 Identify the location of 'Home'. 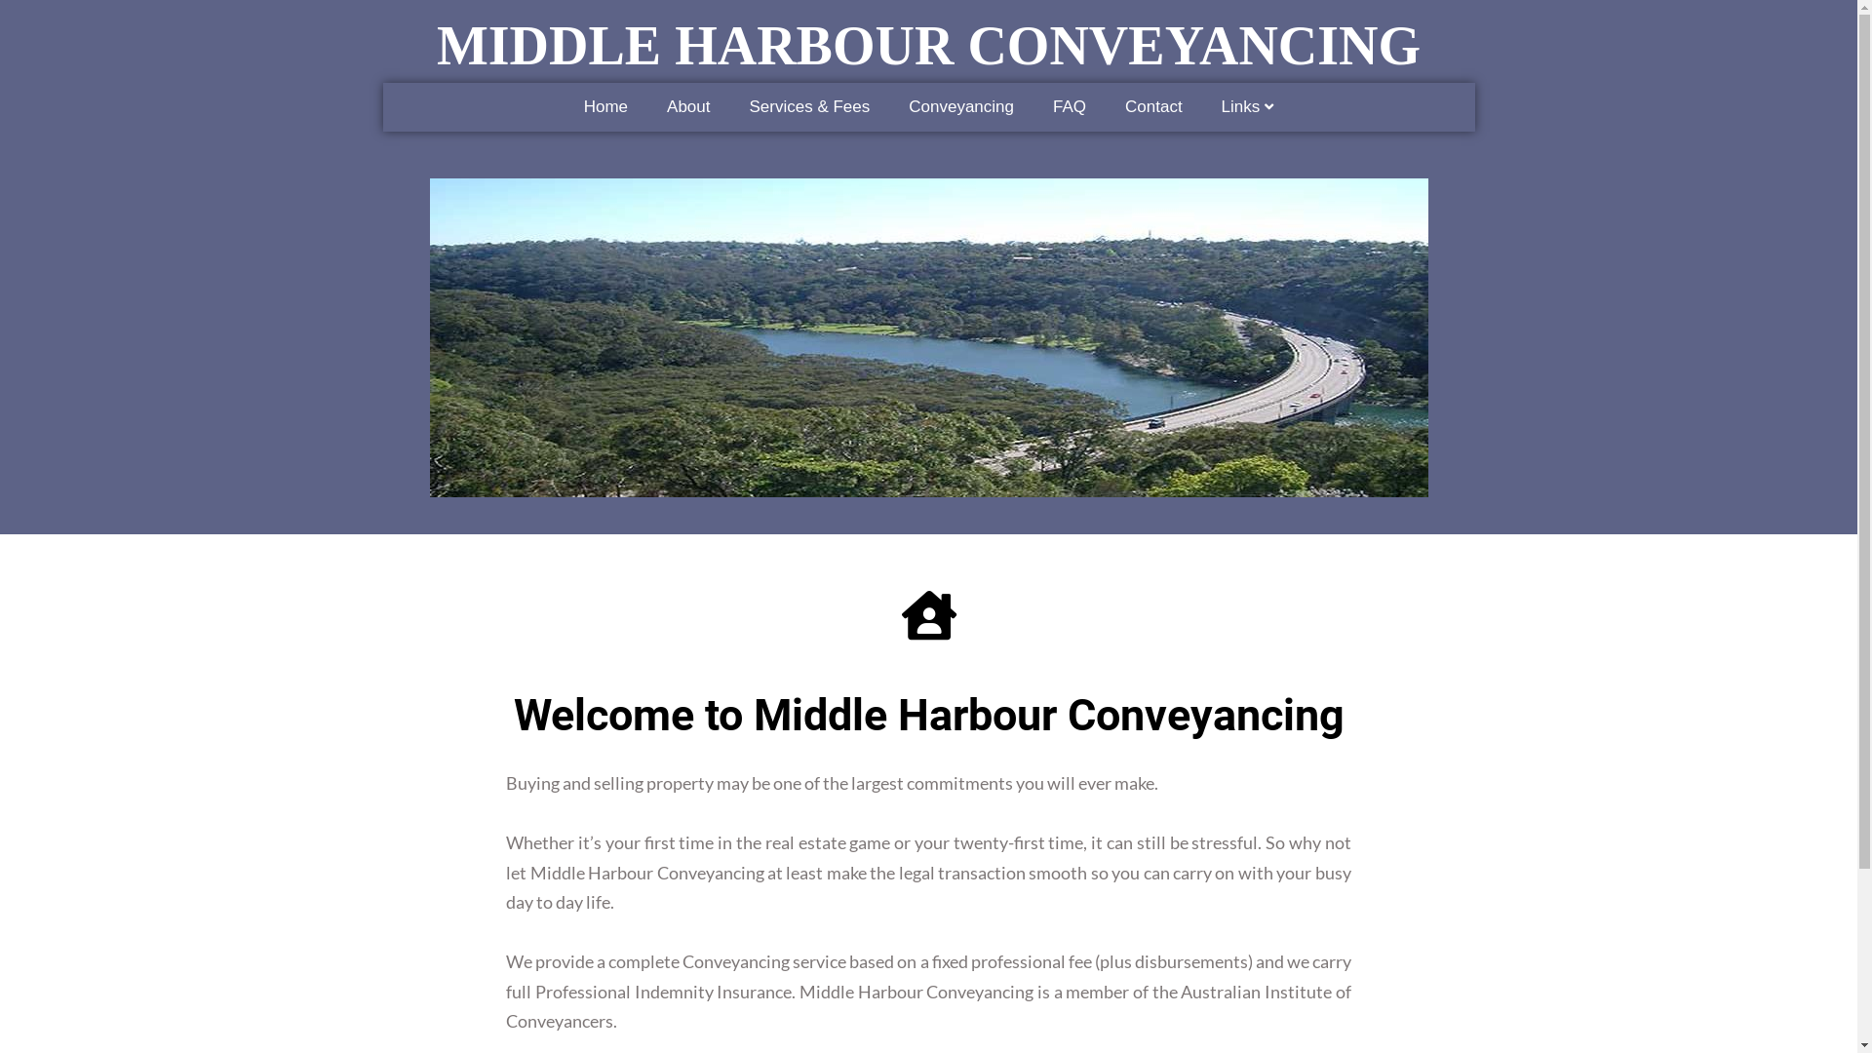
(604, 107).